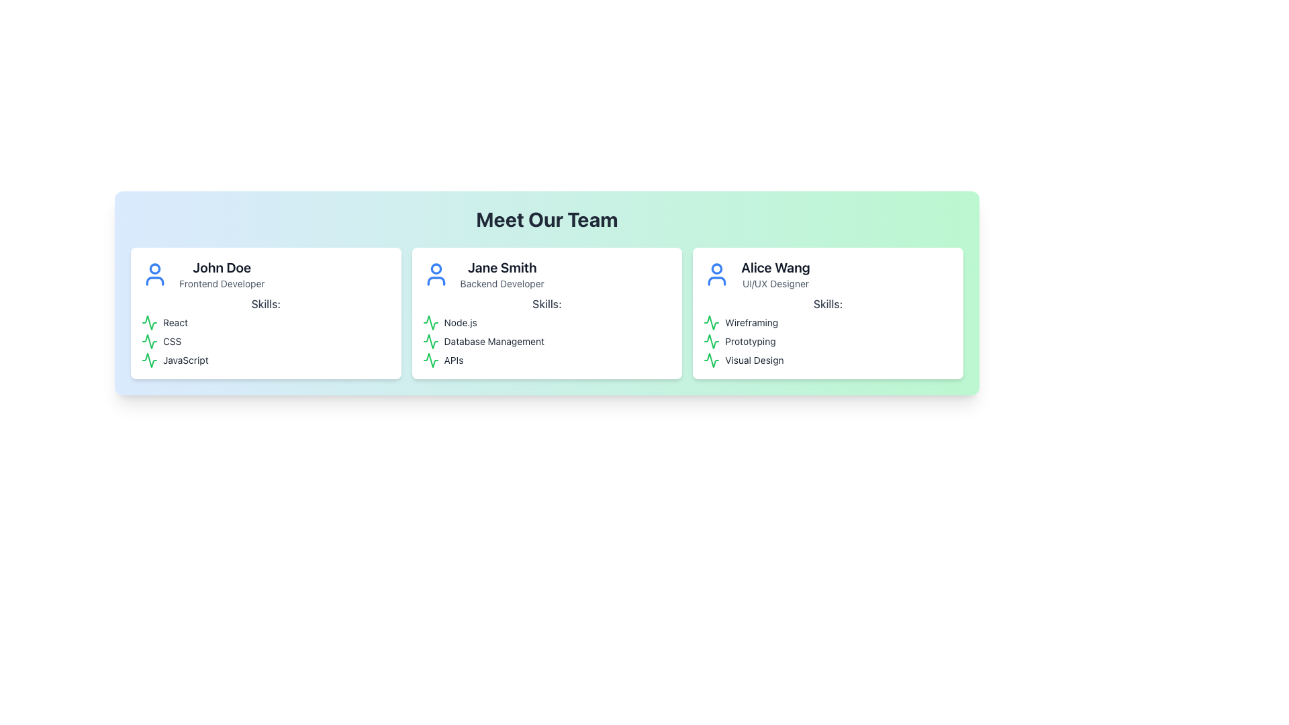  Describe the element at coordinates (711, 341) in the screenshot. I see `the green waveform SVG icon located to the left of the 'Prototyping' label in the 'Skills' section of the 'Alice Wang - UI/UX Designer' card` at that location.